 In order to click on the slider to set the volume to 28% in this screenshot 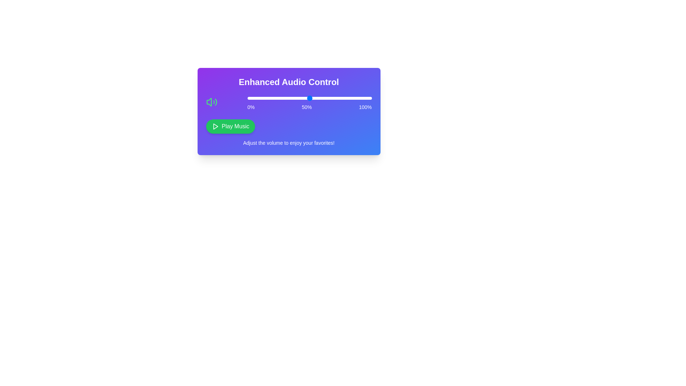, I will do `click(282, 98)`.